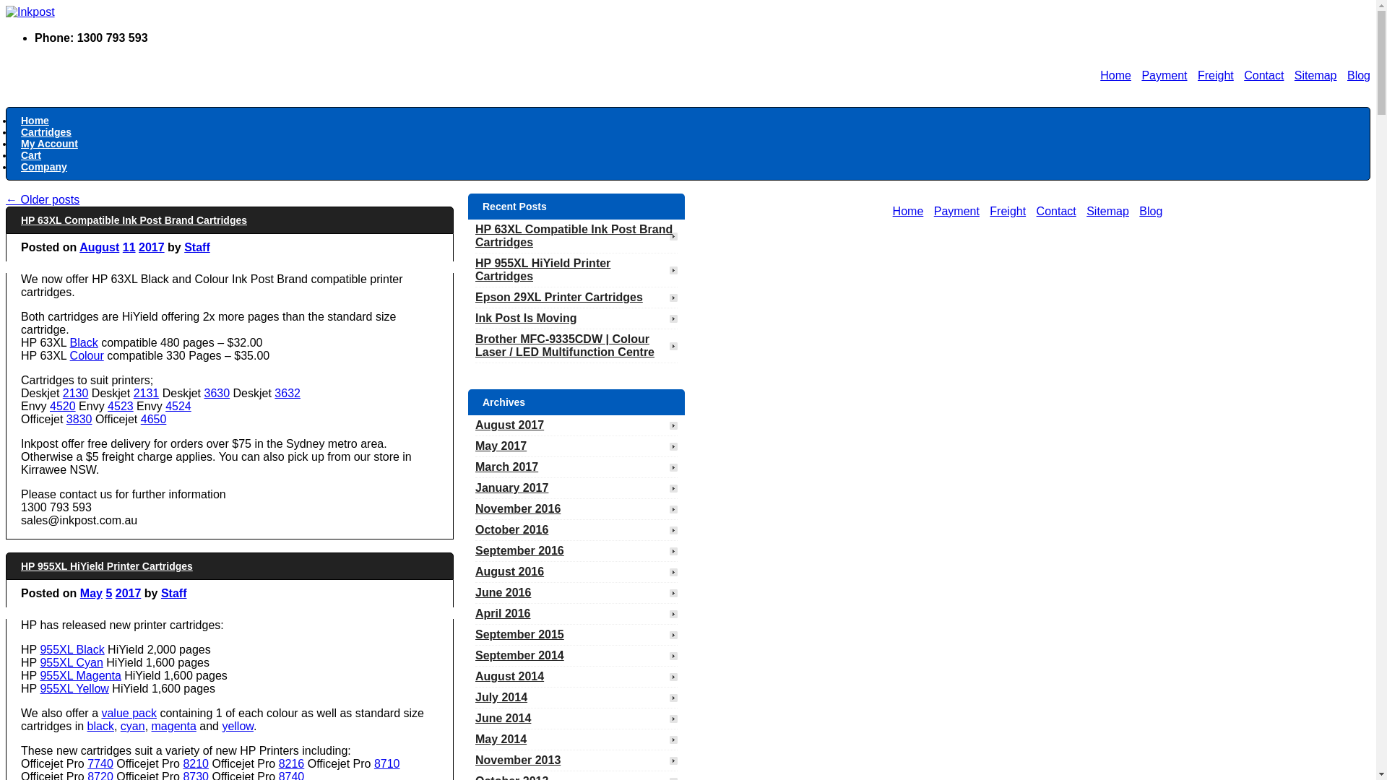 The height and width of the screenshot is (780, 1387). Describe the element at coordinates (128, 593) in the screenshot. I see `'2017'` at that location.